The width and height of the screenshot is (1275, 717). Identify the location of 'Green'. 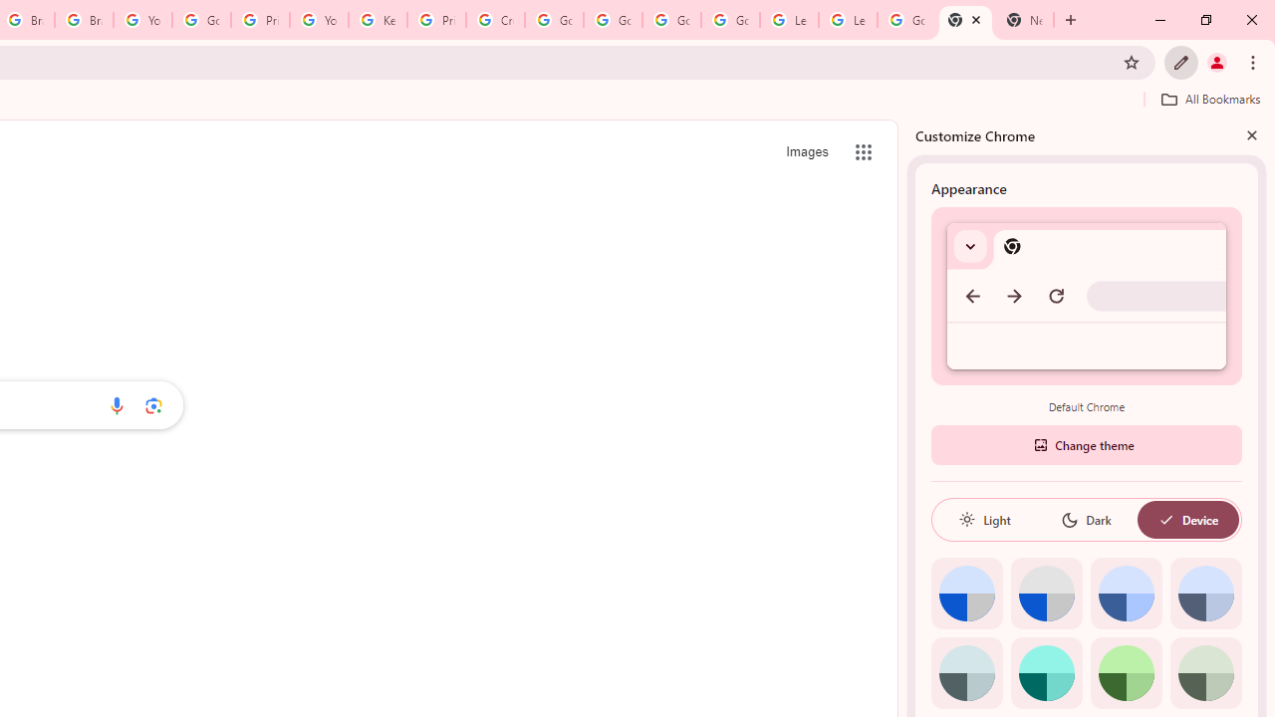
(1126, 672).